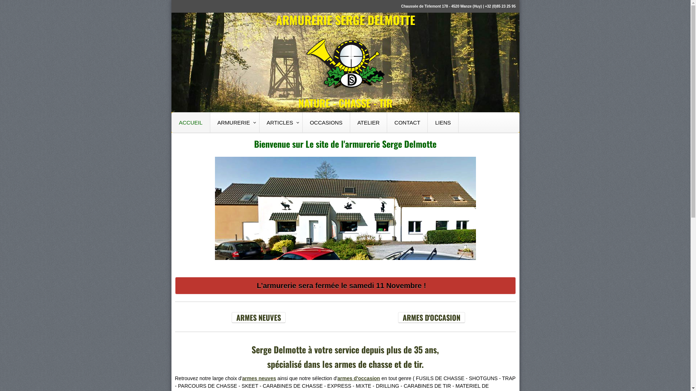 The width and height of the screenshot is (696, 391). Describe the element at coordinates (407, 122) in the screenshot. I see `'CONTACT'` at that location.